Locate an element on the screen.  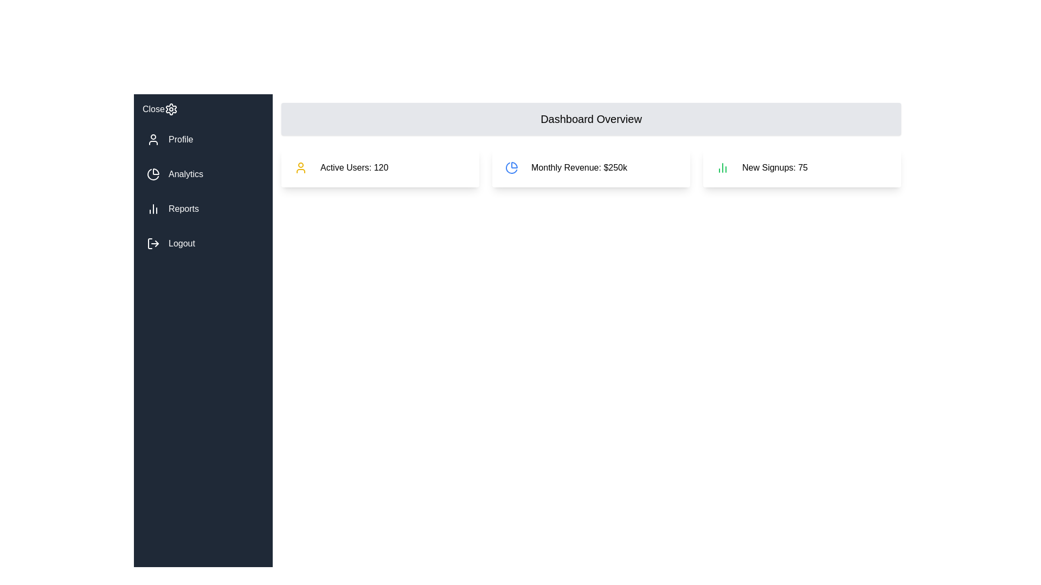
text label indicating navigation to the Profile section, which is positioned below the 'Close' setting icon and above the 'Analytics' option in the vertical navigation bar is located at coordinates (181, 139).